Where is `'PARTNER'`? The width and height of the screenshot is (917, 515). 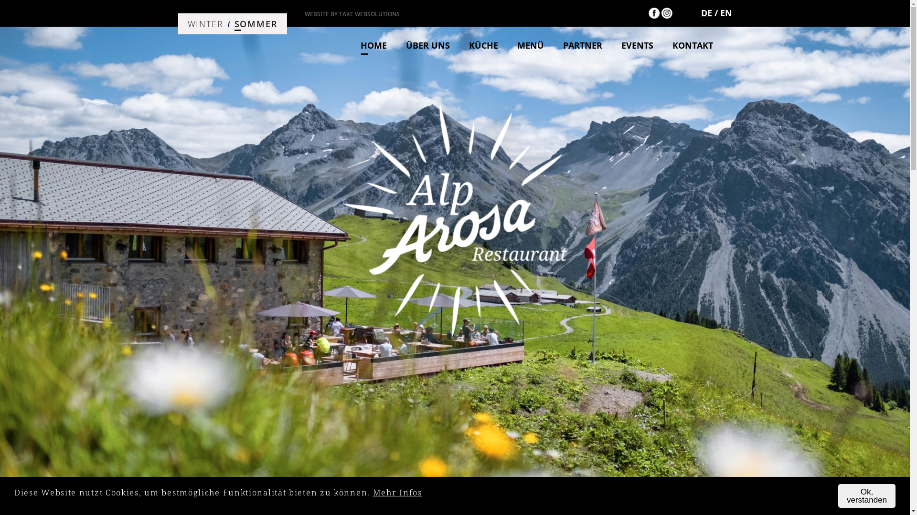 'PARTNER' is located at coordinates (591, 45).